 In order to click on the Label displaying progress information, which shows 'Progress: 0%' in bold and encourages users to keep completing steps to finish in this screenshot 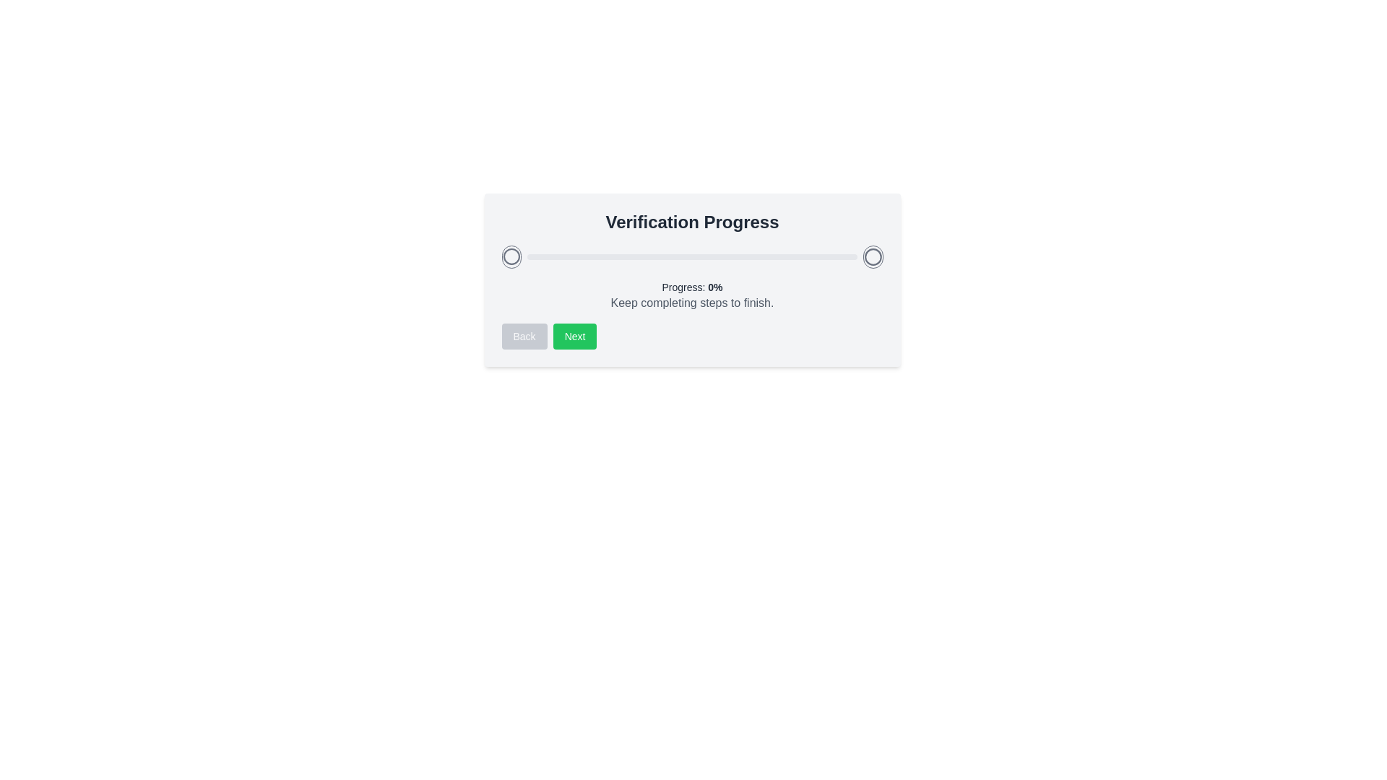, I will do `click(691, 295)`.